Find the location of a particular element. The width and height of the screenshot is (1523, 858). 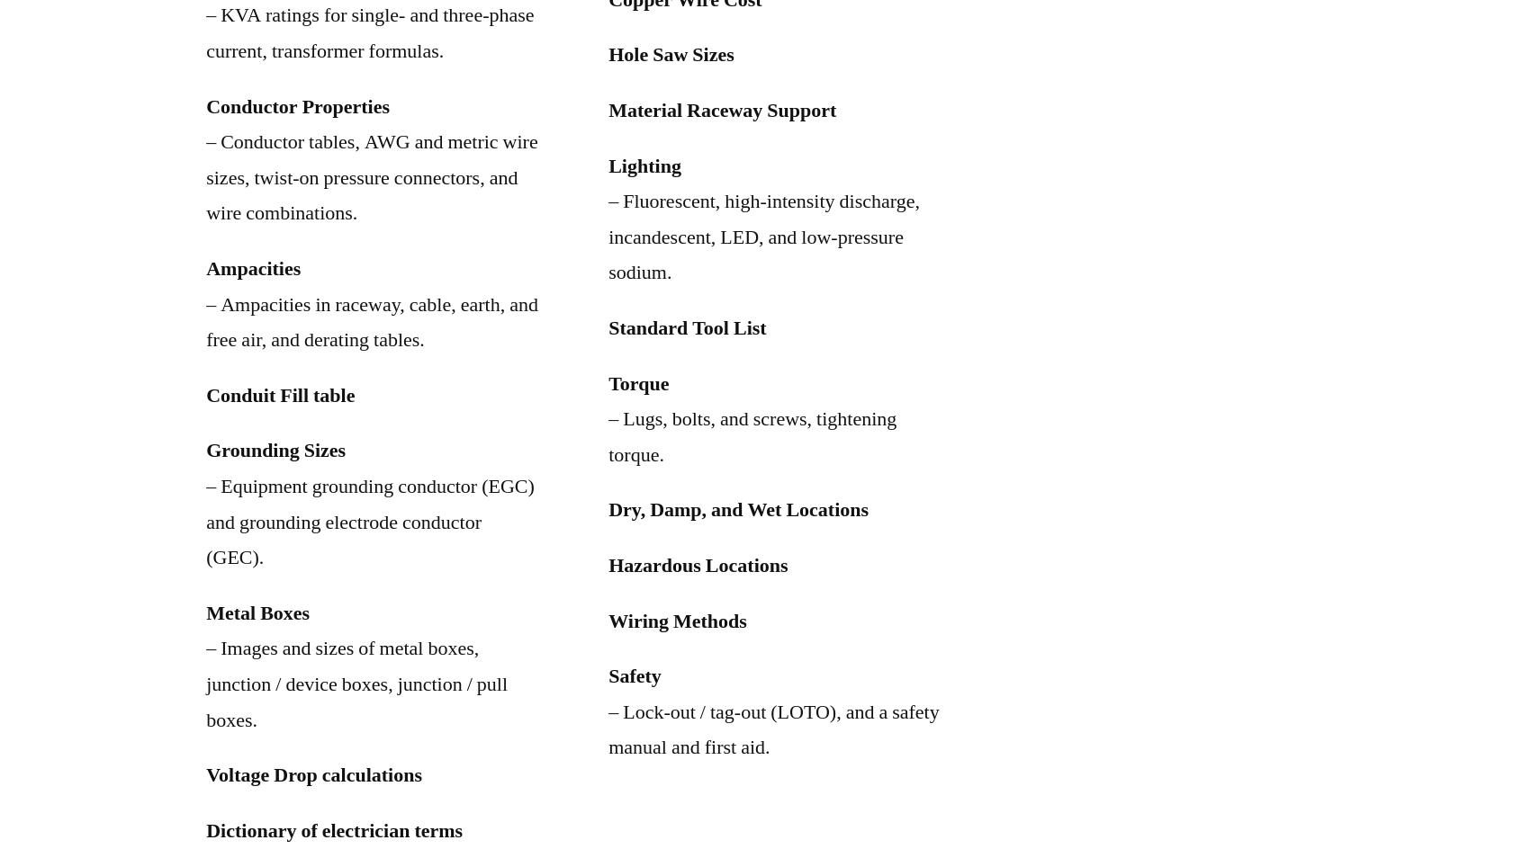

'Material Raceway Support' is located at coordinates (722, 109).